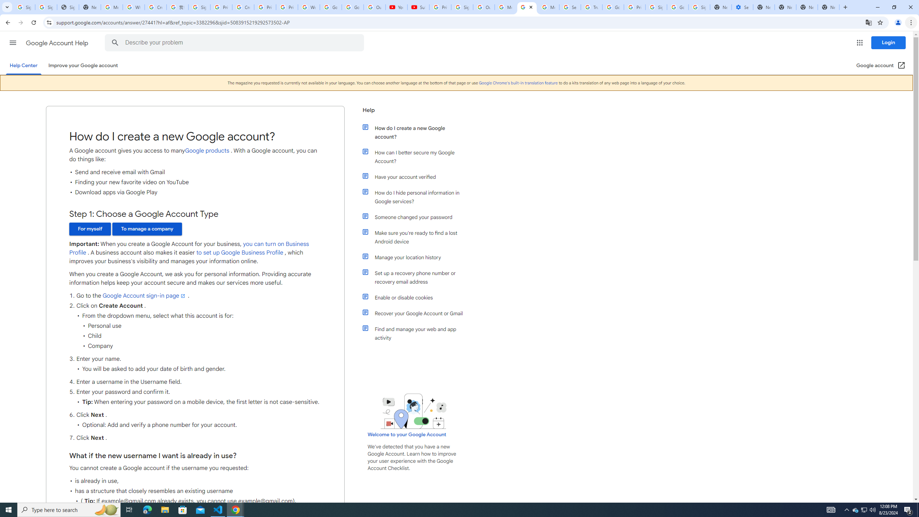 The height and width of the screenshot is (517, 919). Describe the element at coordinates (518, 83) in the screenshot. I see `'Google Chrome'` at that location.